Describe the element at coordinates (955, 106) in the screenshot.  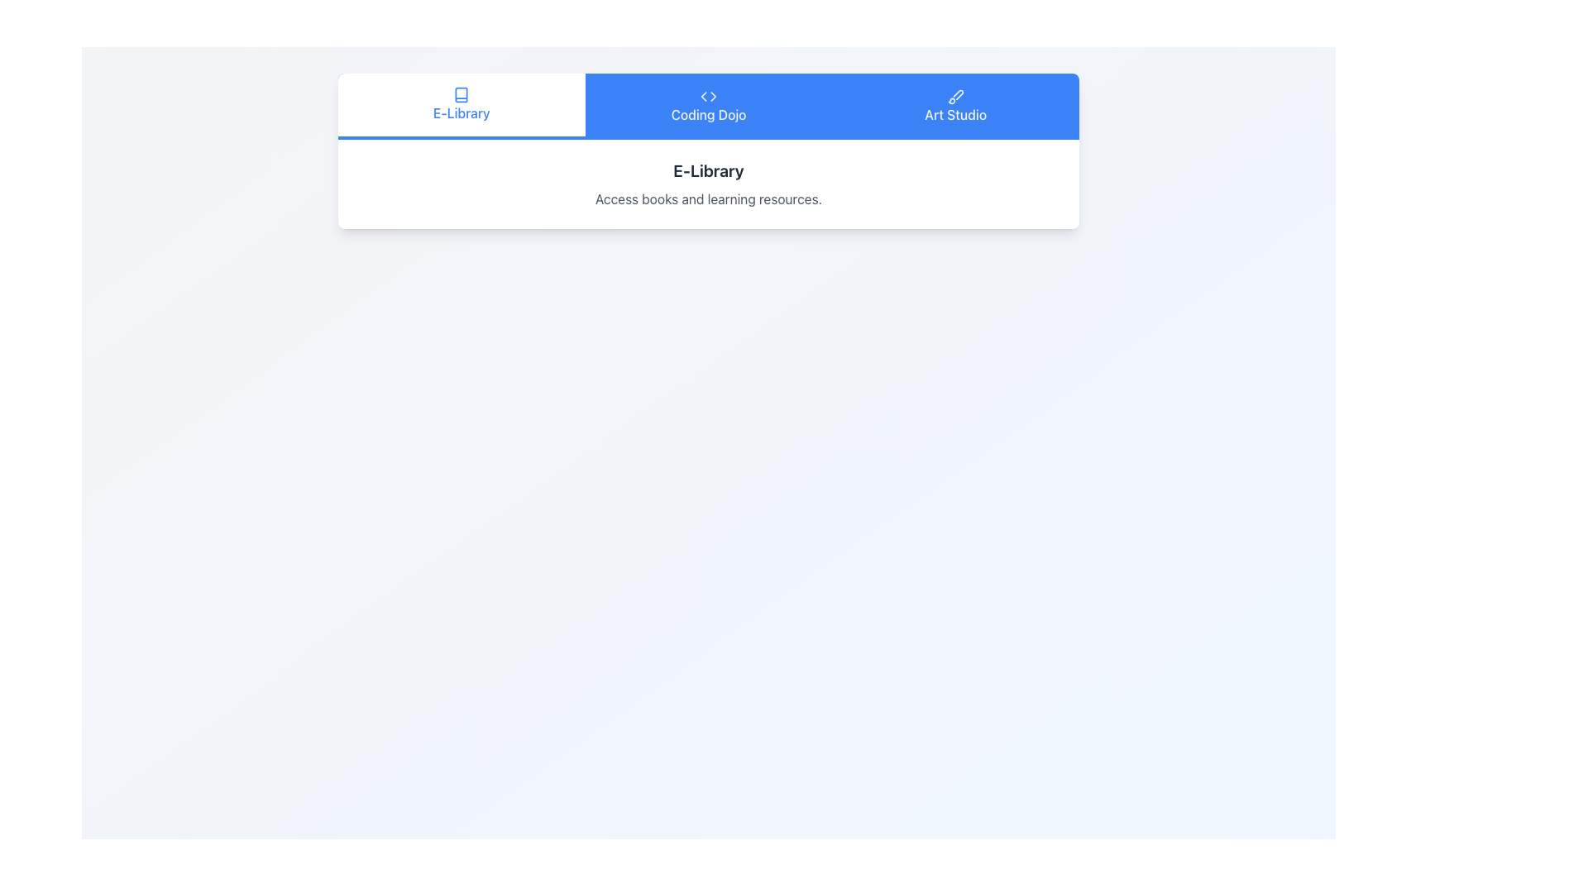
I see `the 'Art Studio' button, which is a vertical arrangement of a brush icon and the text 'Art Studio' with a blue background and white color` at that location.